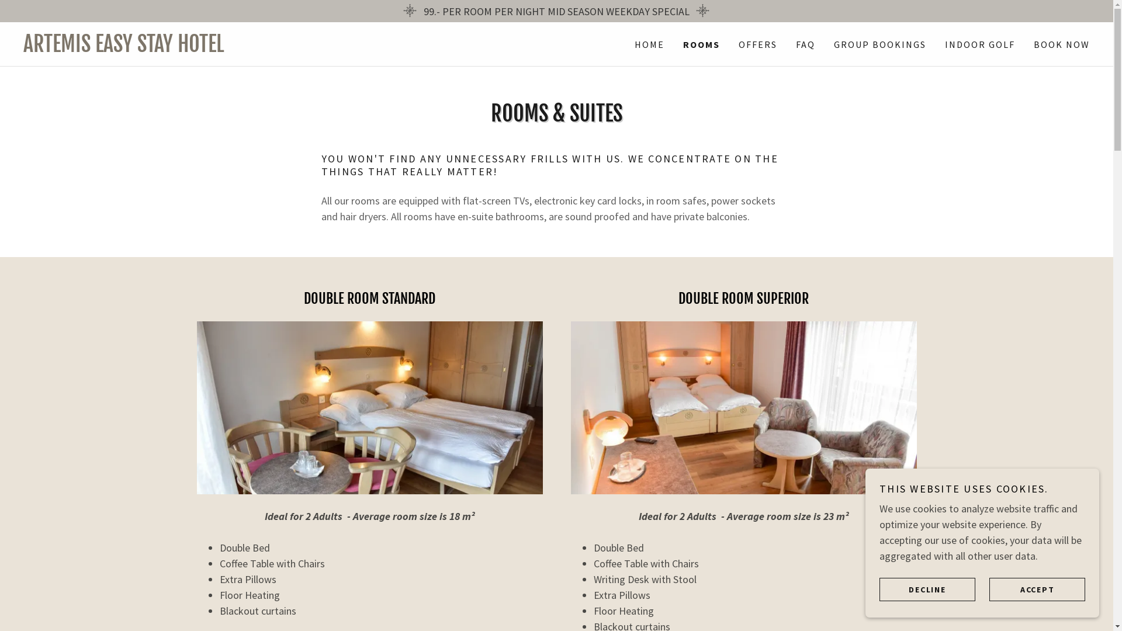 This screenshot has height=631, width=1122. What do you see at coordinates (927, 588) in the screenshot?
I see `'DECLINE'` at bounding box center [927, 588].